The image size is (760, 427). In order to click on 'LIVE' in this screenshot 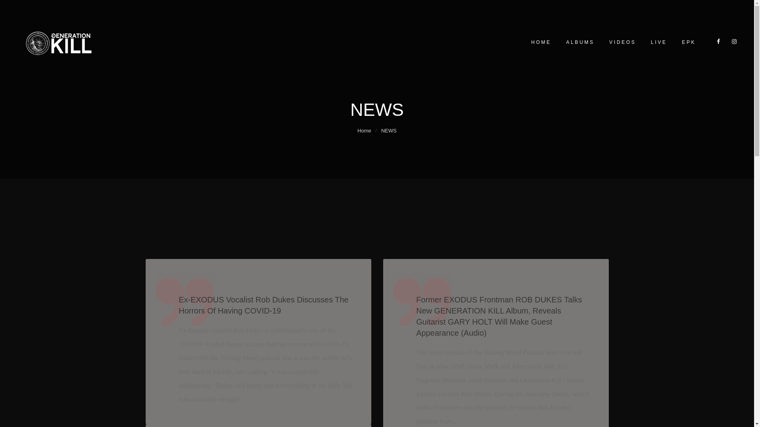, I will do `click(658, 42)`.